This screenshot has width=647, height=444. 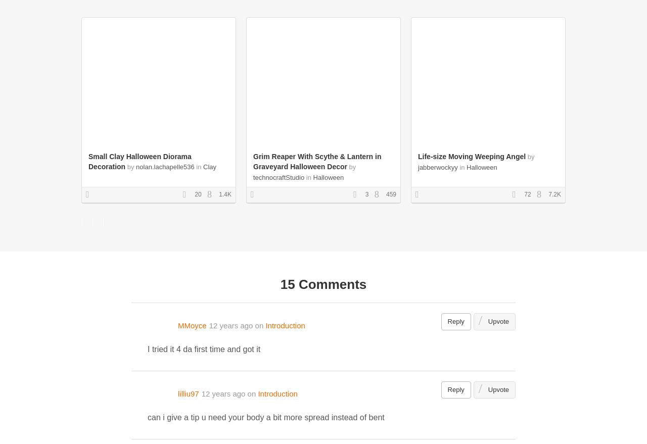 What do you see at coordinates (265, 417) in the screenshot?
I see `'can i give a tip u need your body a bit more spread instead of bent'` at bounding box center [265, 417].